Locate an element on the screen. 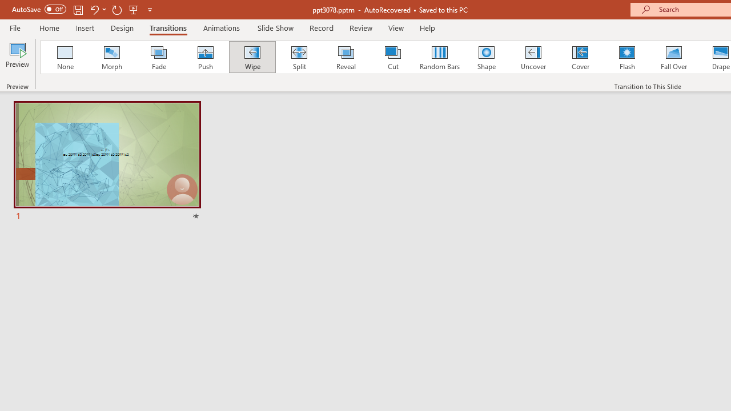 This screenshot has height=411, width=731. 'Uncover' is located at coordinates (533, 57).